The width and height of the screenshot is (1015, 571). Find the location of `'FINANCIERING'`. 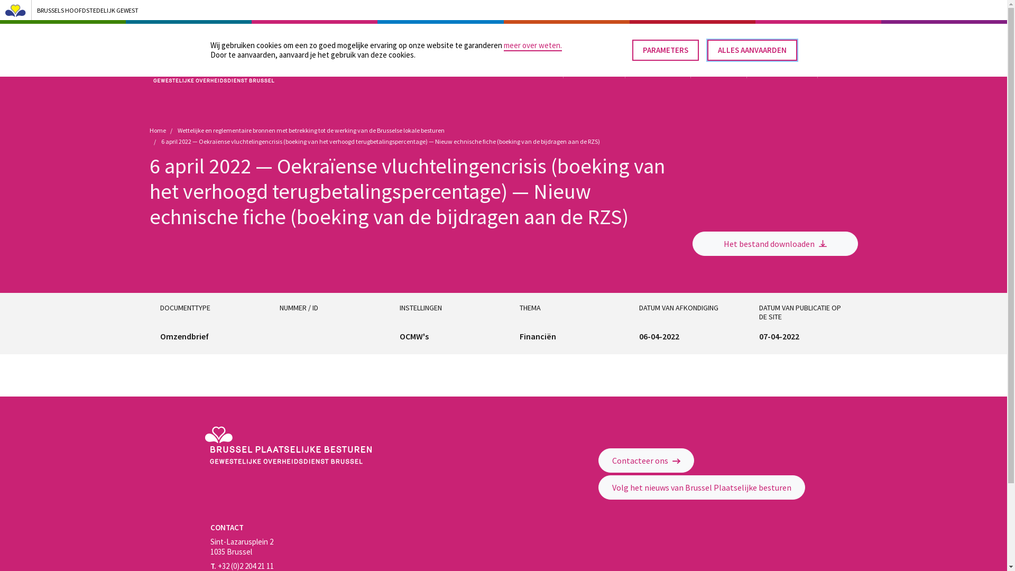

'FINANCIERING' is located at coordinates (657, 69).